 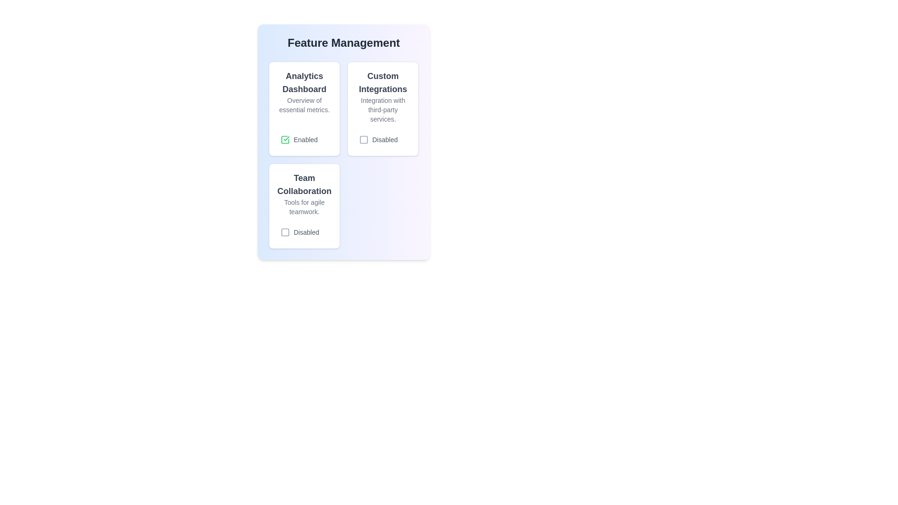 I want to click on the square icon indicating the state of the feature within the 'Team Collaboration' card, adjacent to the text 'Disabled', so click(x=284, y=232).